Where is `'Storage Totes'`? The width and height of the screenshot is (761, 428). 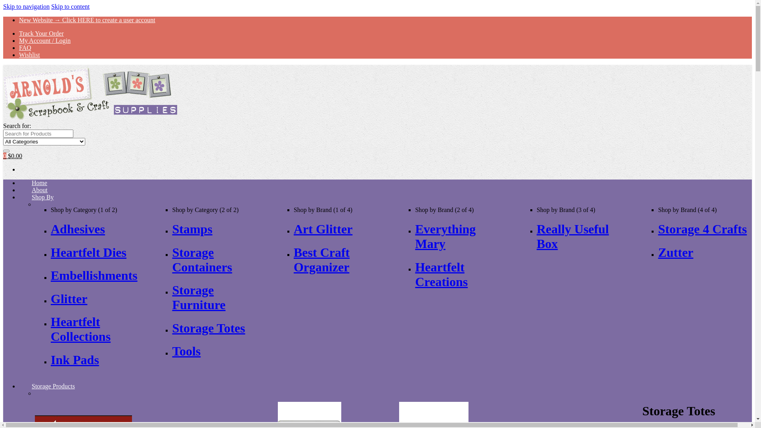
'Storage Totes' is located at coordinates (208, 328).